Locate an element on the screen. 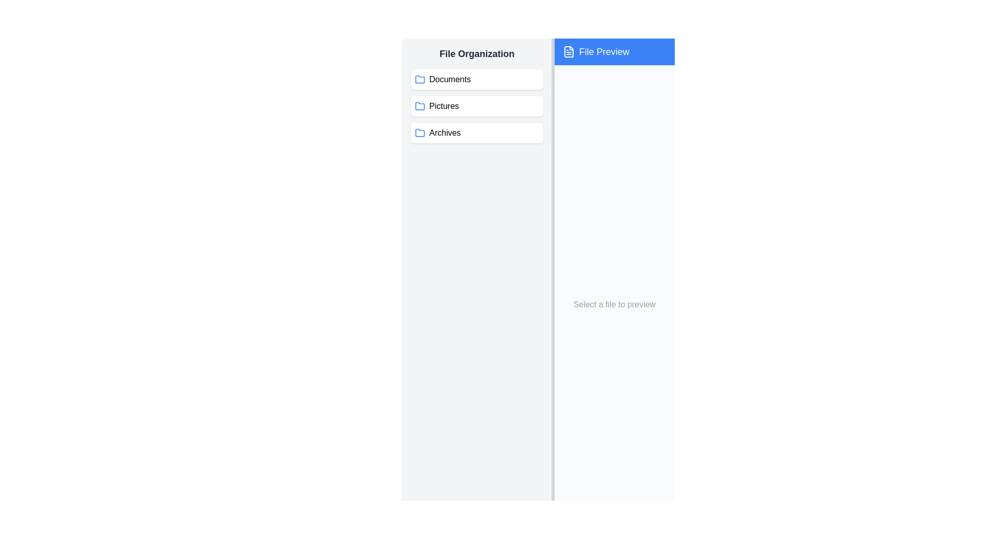 This screenshot has width=986, height=555. the button labeled 'File Preview' with a blue background and white text, located at the top of the right-hand pane is located at coordinates (614, 51).